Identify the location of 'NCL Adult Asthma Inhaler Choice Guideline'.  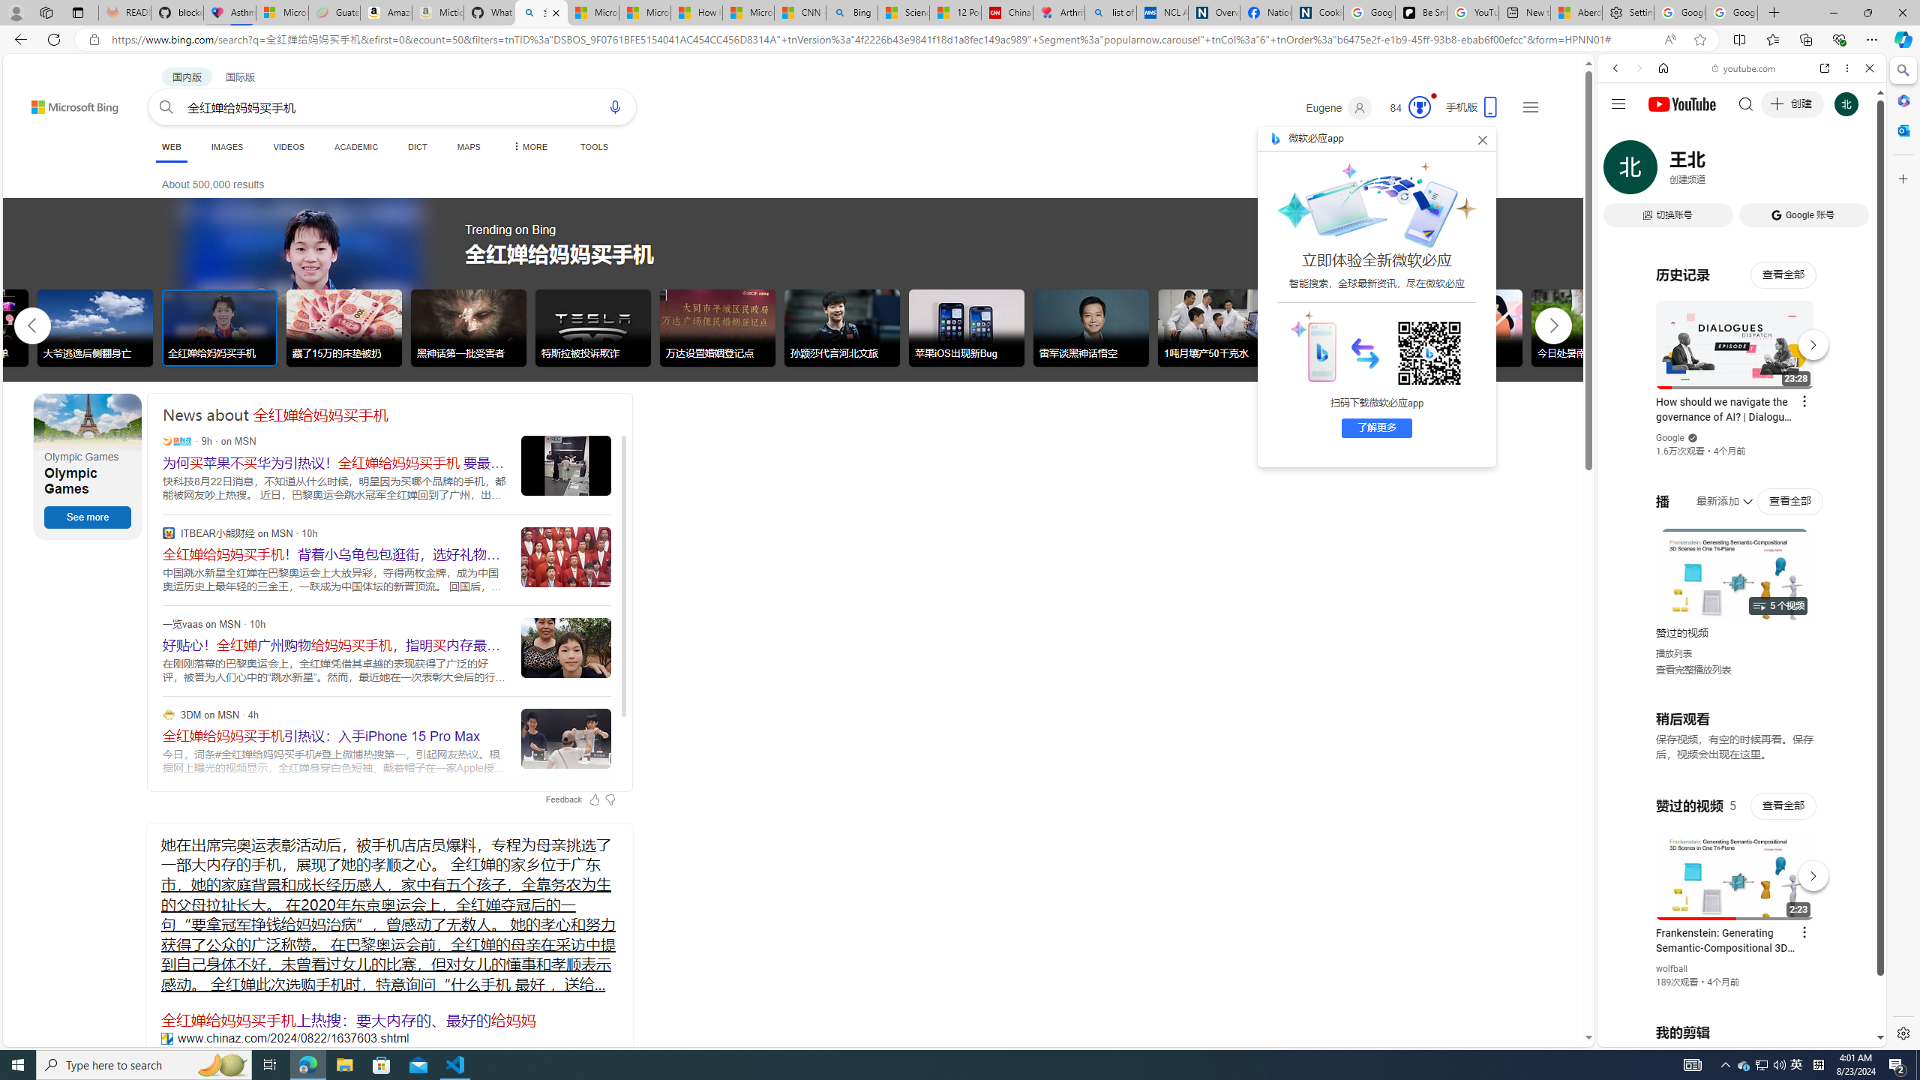
(1162, 12).